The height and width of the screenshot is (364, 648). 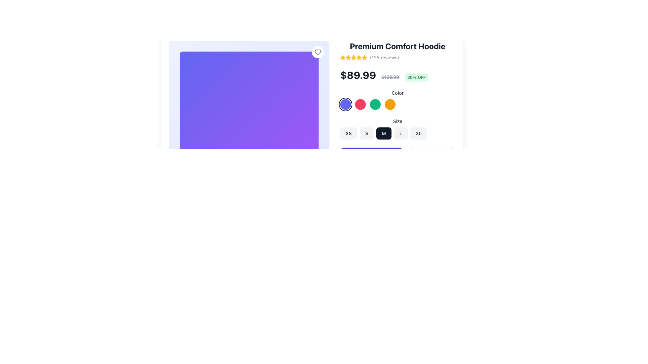 I want to click on the fifth rating star icon, so click(x=364, y=57).